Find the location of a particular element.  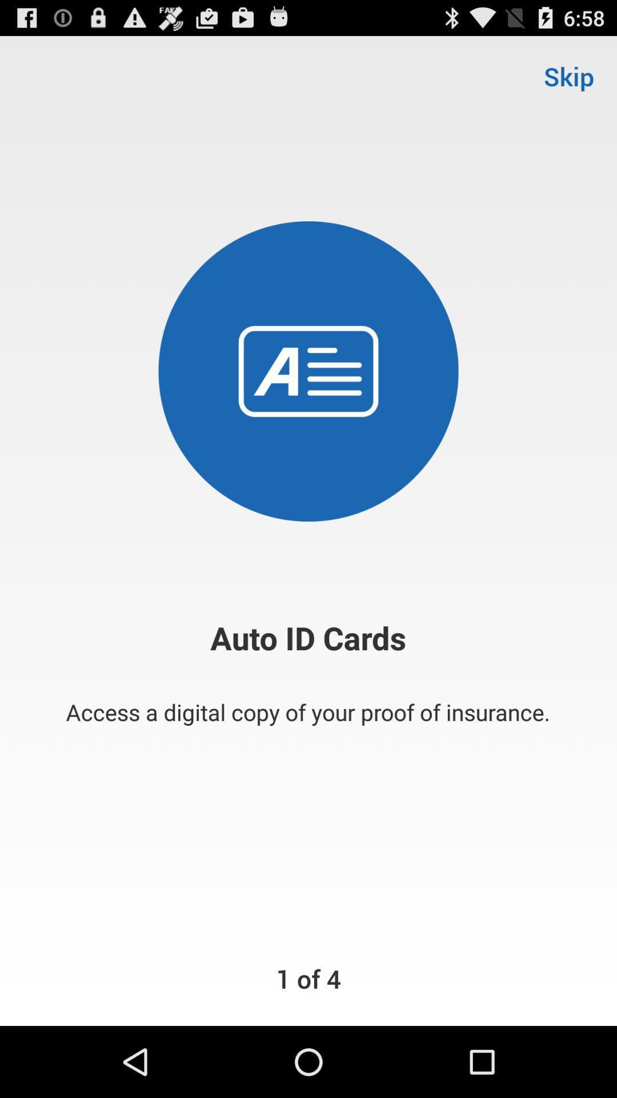

the skip app is located at coordinates (568, 75).